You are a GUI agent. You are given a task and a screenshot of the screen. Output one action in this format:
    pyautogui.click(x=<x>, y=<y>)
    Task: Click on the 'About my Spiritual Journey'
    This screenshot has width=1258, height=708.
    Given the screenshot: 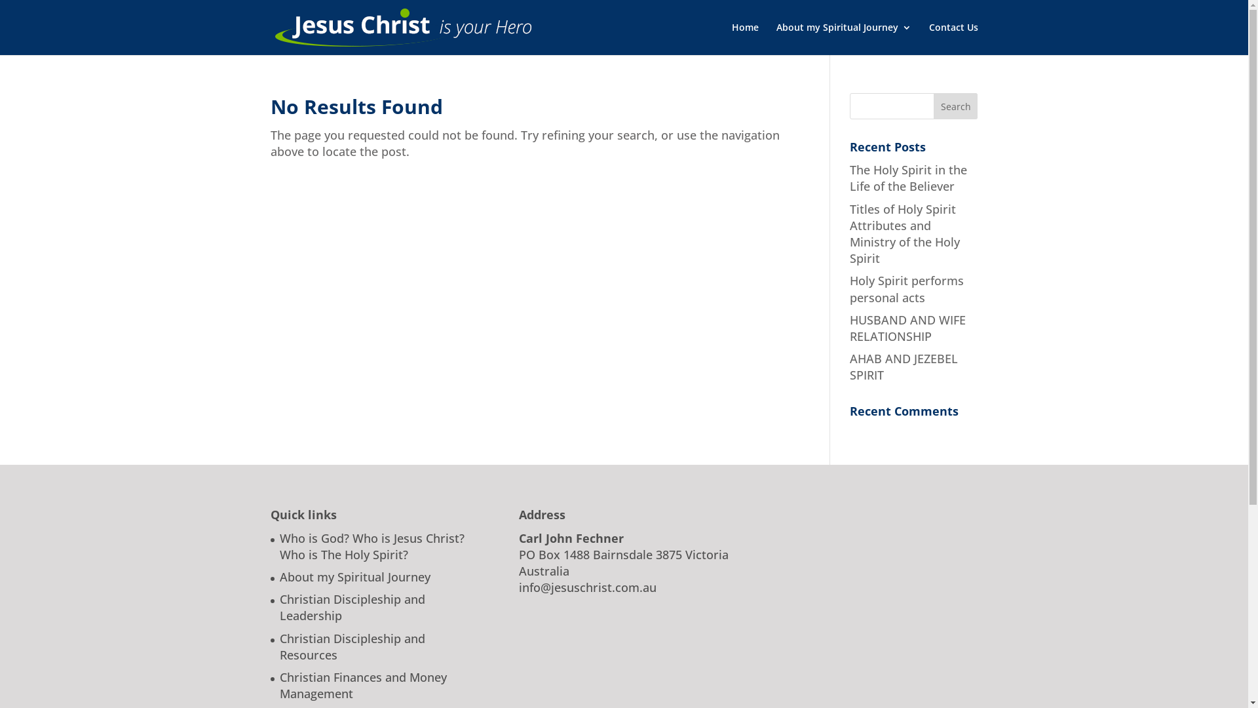 What is the action you would take?
    pyautogui.click(x=354, y=576)
    